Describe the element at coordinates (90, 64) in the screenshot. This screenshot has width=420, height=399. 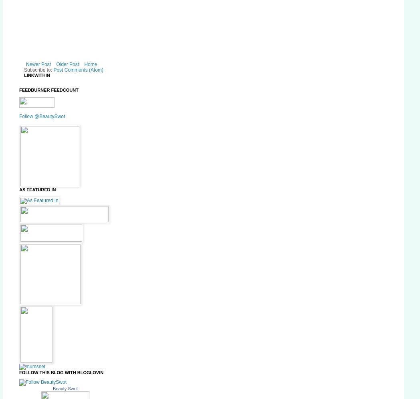
I see `'Home'` at that location.